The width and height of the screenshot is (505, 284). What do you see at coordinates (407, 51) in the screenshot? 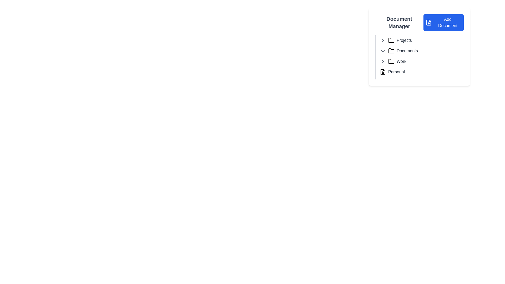
I see `the 'Documents' text label in the file manager interface` at bounding box center [407, 51].